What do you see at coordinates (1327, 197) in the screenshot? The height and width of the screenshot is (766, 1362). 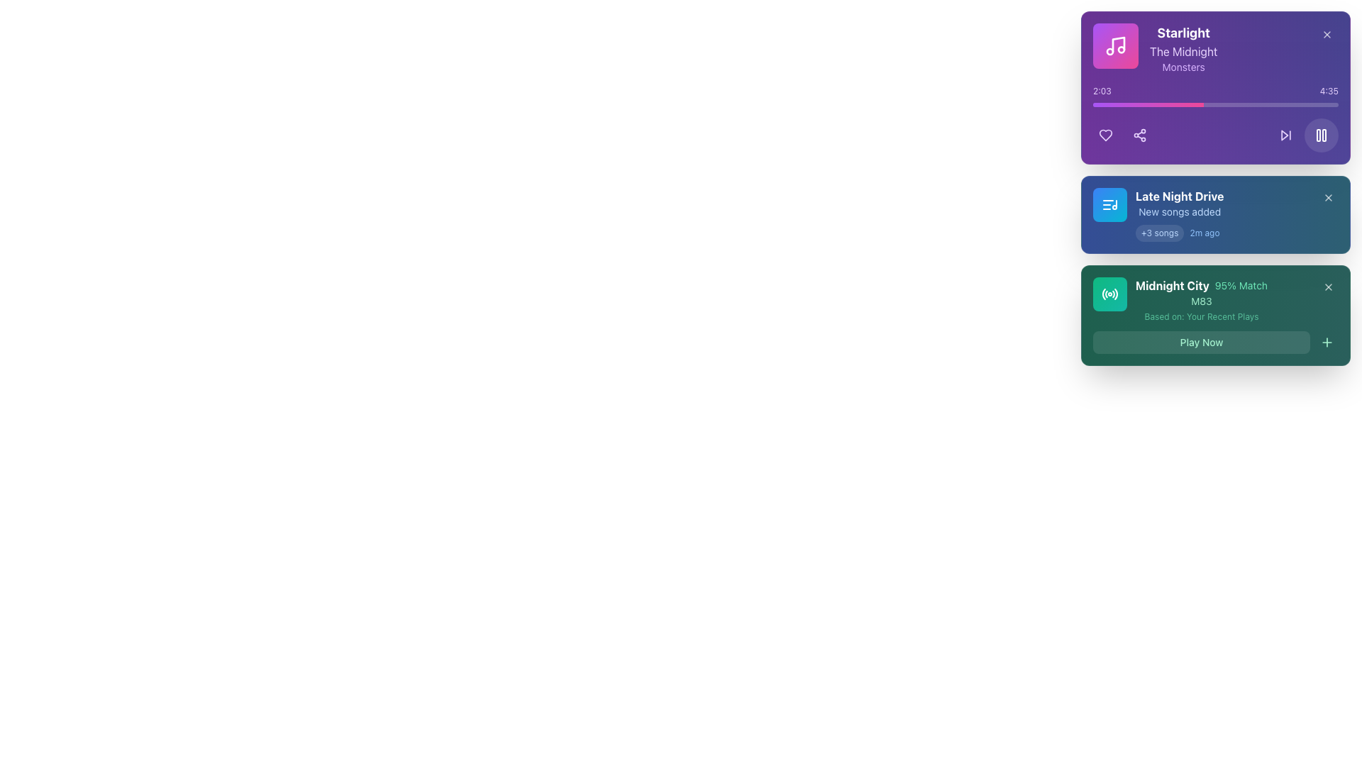 I see `the close button represented by a small, square-shaped 'X' icon in the top-right corner of the blue card labeled 'Late Night Drive'` at bounding box center [1327, 197].